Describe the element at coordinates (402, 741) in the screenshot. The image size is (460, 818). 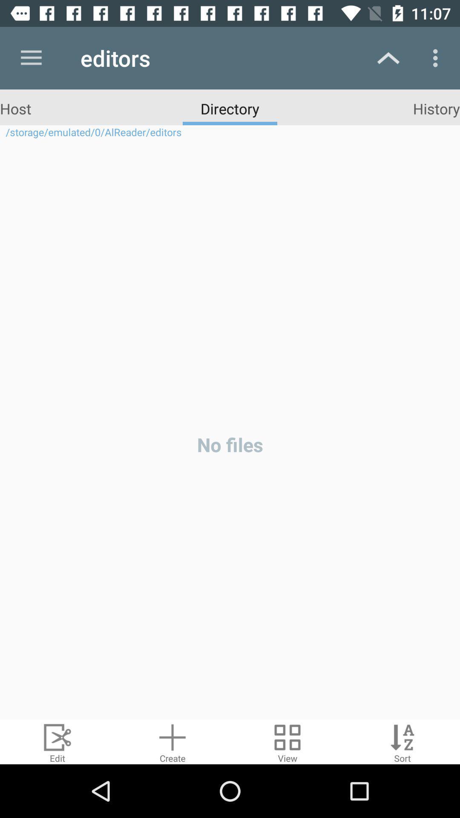
I see `sort by alphetical order` at that location.